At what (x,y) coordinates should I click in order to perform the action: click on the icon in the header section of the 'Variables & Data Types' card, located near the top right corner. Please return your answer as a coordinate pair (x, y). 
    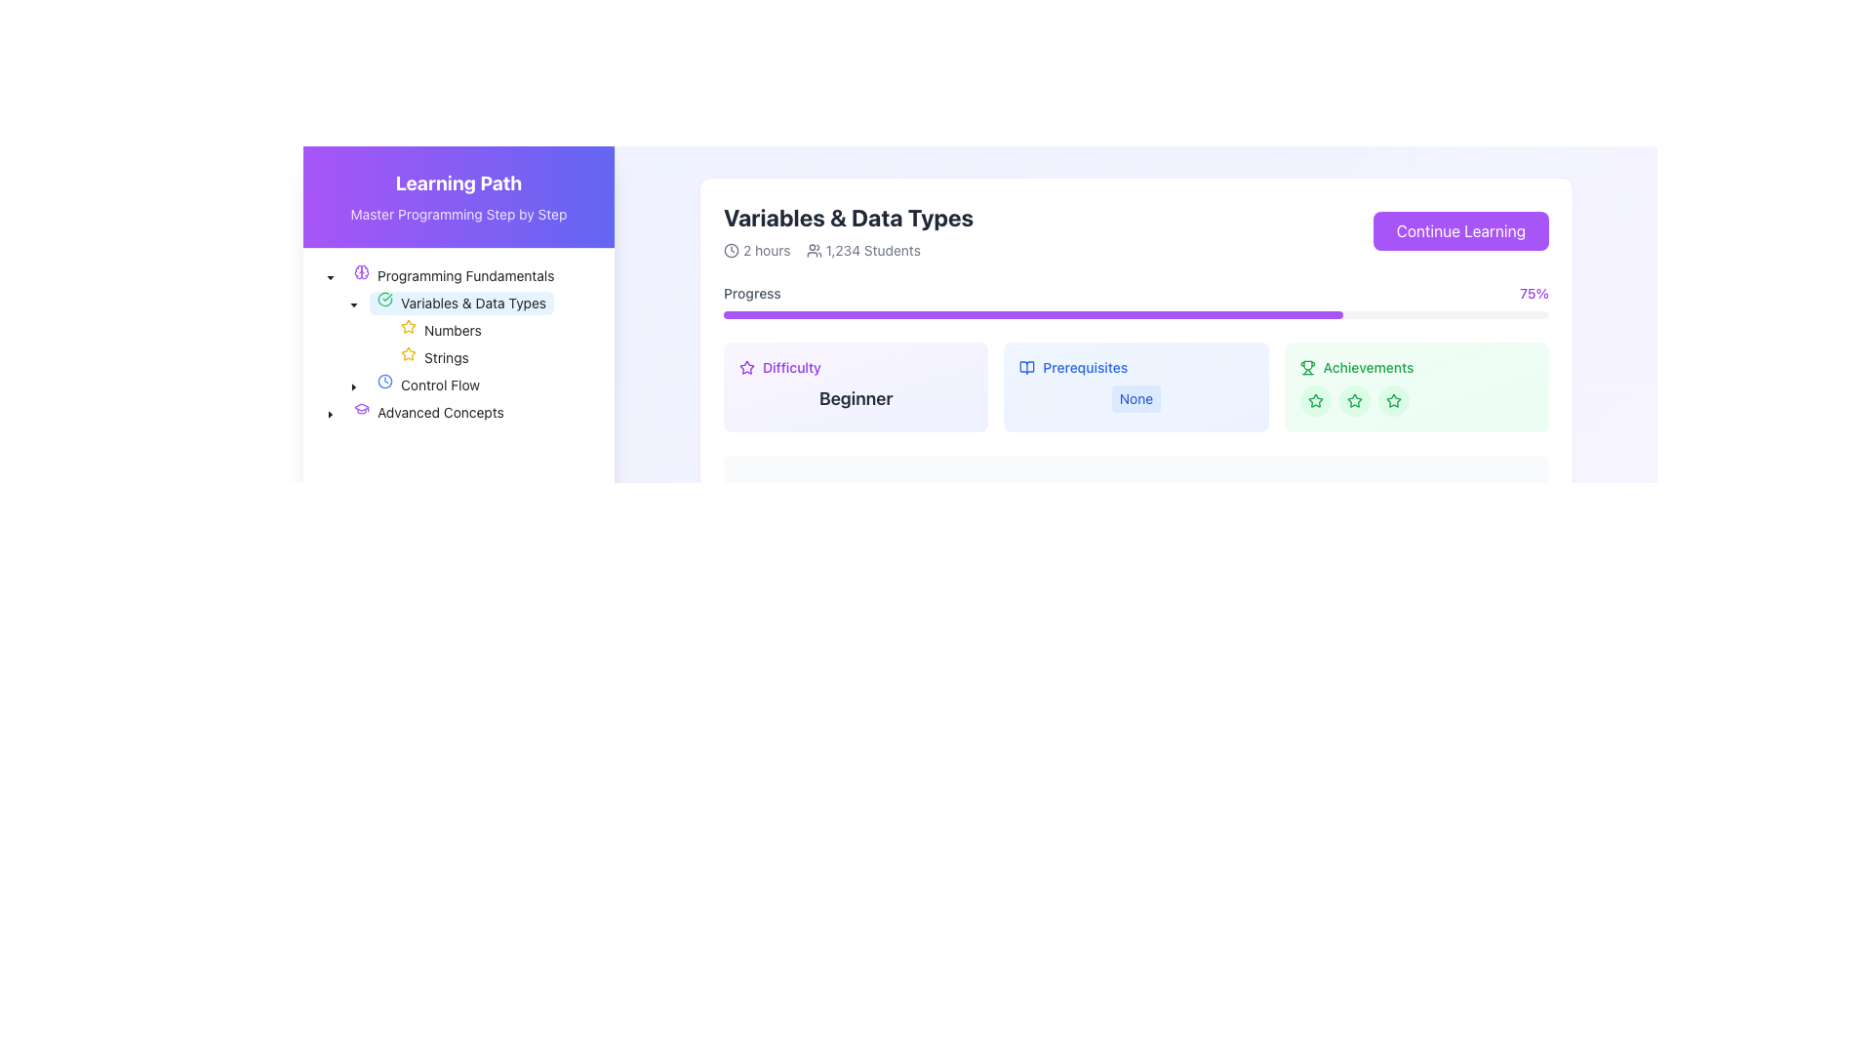
    Looking at the image, I should click on (1026, 368).